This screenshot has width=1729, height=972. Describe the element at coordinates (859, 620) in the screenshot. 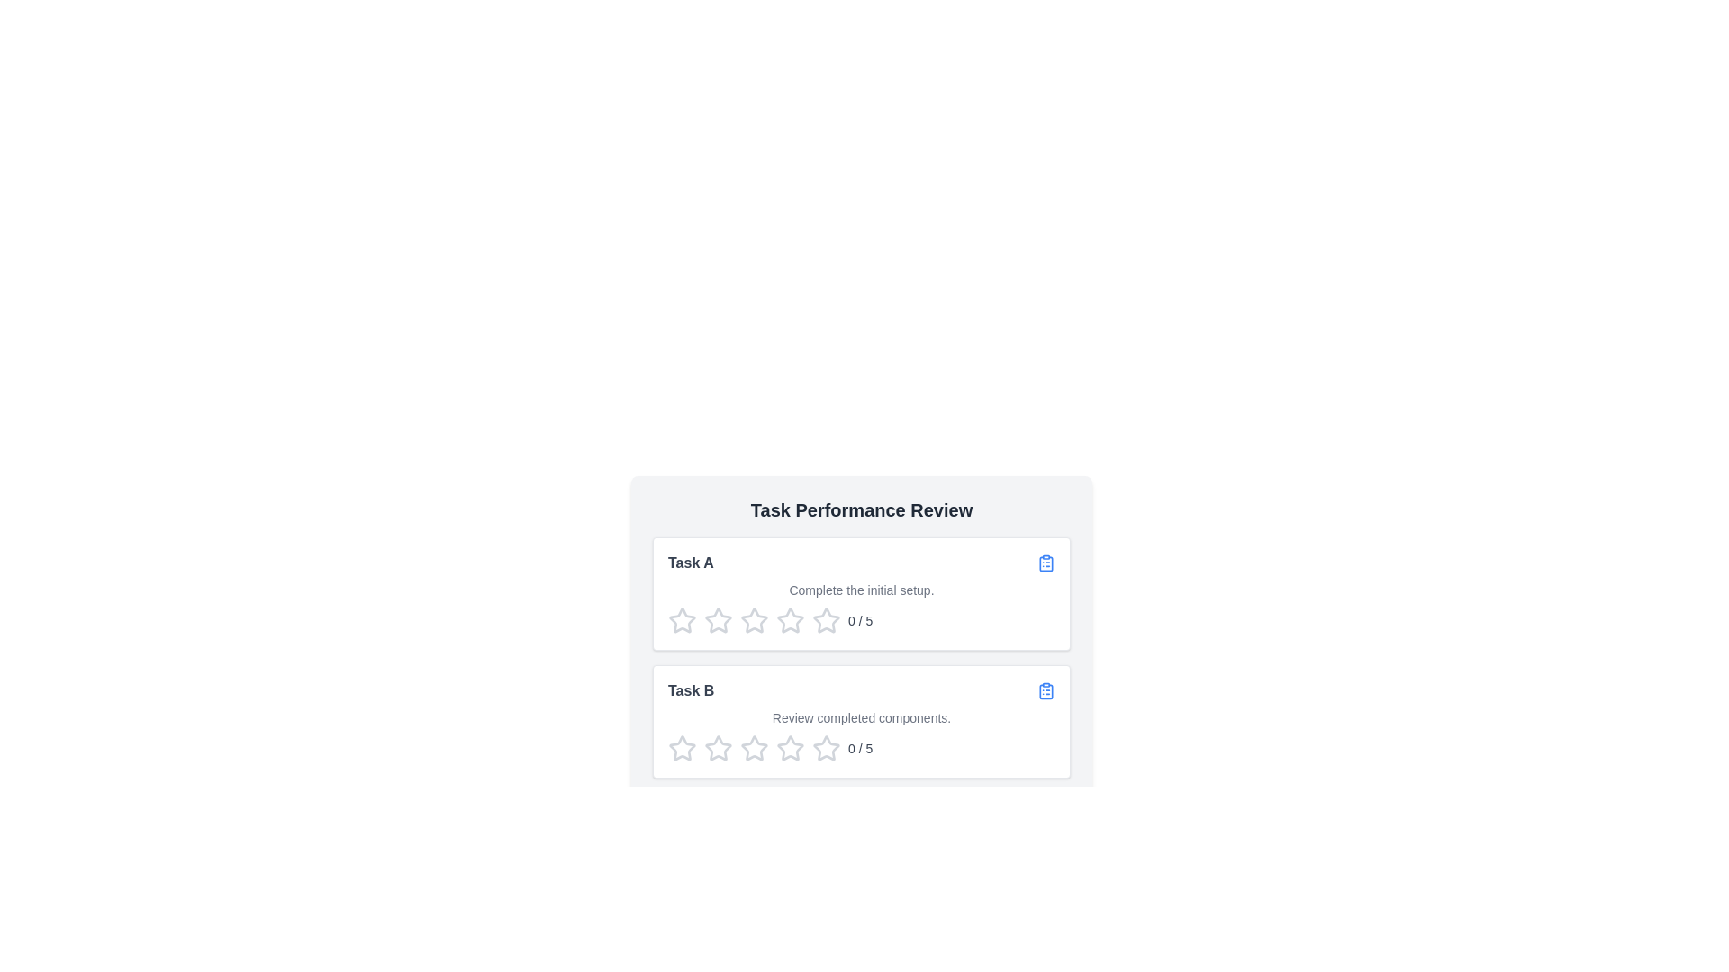

I see `the text label displaying '0 / 5', which is located to the right of the star icons in the first task card labeled 'Task A'` at that location.